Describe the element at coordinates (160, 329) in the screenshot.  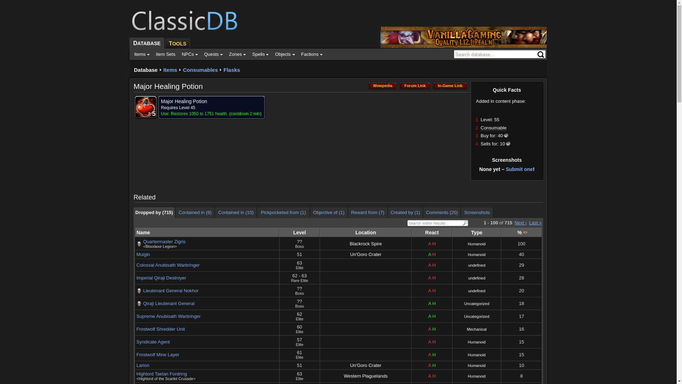
I see `'Frostwolf Shredder Unit'` at that location.